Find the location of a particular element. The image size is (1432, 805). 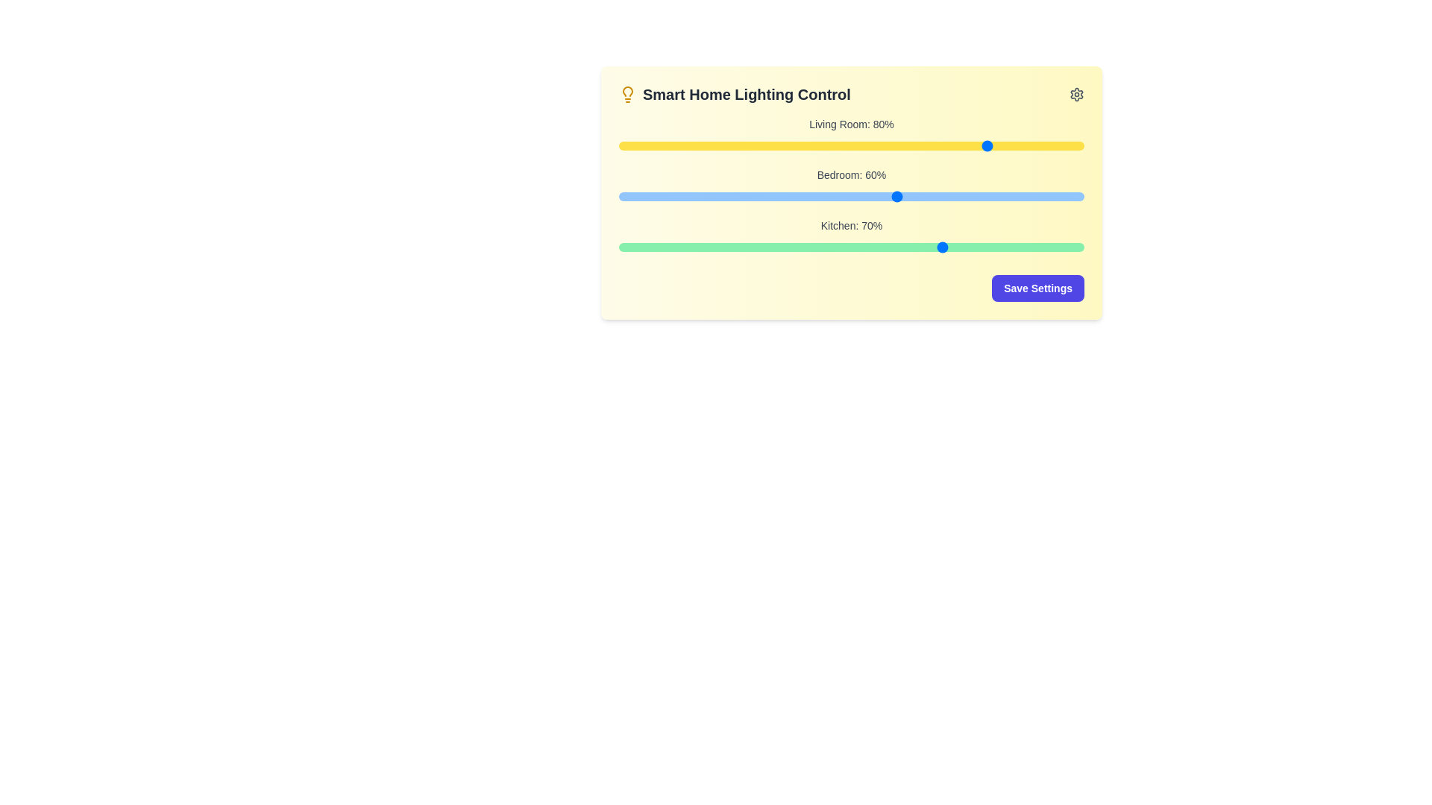

the horizontal slider control with a rounded blue thumb indicator, located between the text 'Bedroom: 60%' and the slider labeled 'Kitchen: 70%' is located at coordinates (852, 195).